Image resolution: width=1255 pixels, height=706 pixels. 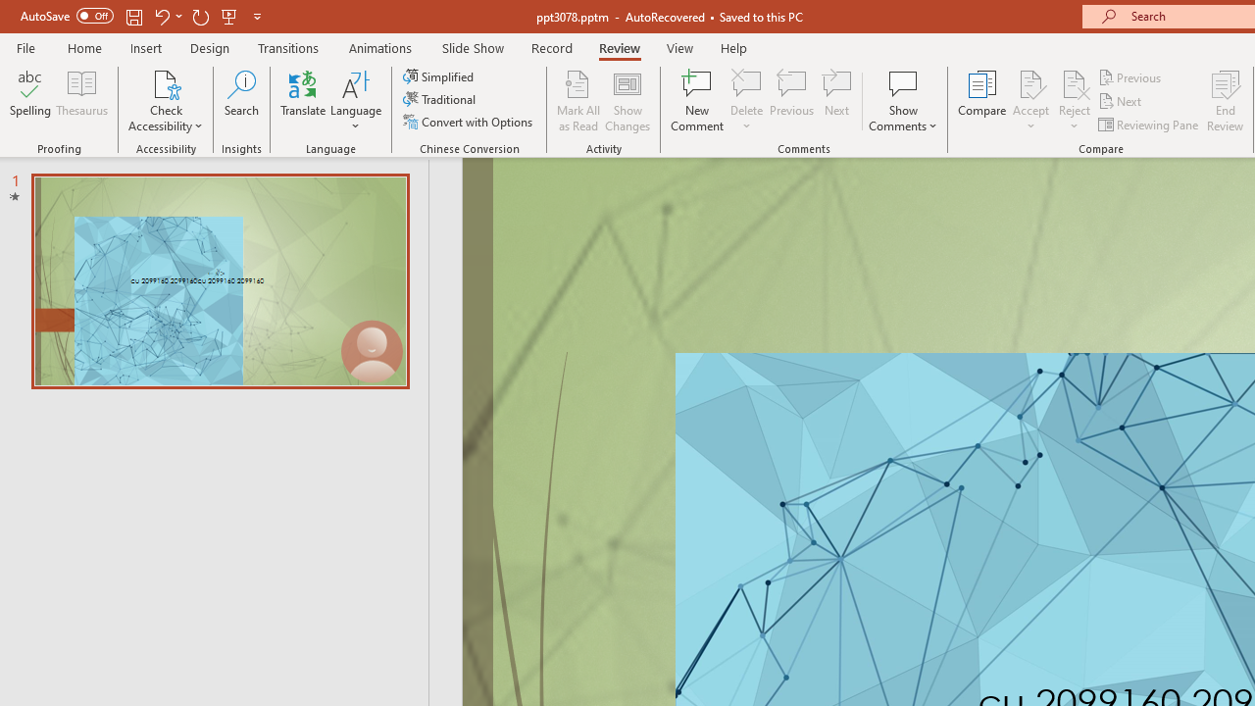 I want to click on 'Delete', so click(x=746, y=101).